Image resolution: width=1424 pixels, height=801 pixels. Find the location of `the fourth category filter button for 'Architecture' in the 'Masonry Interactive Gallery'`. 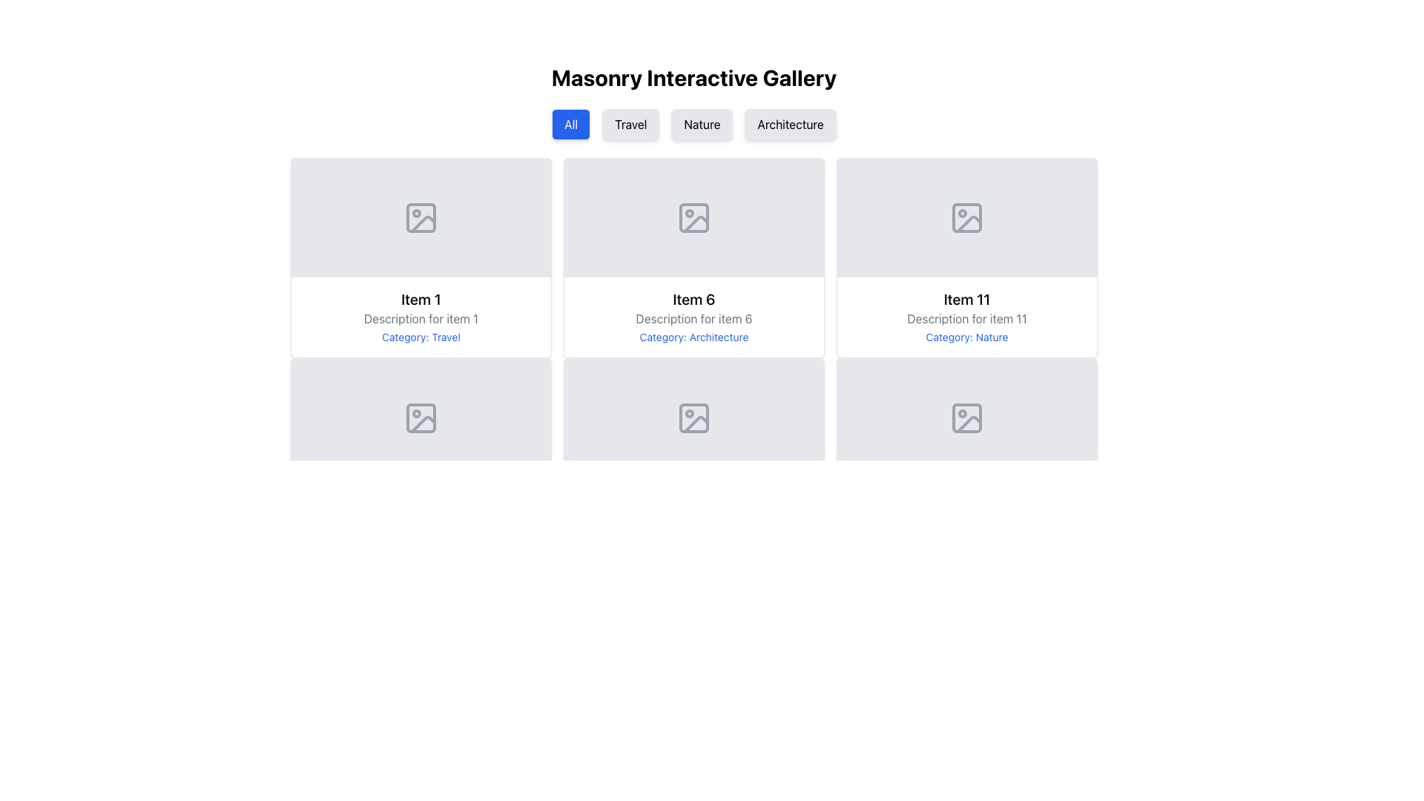

the fourth category filter button for 'Architecture' in the 'Masonry Interactive Gallery' is located at coordinates (789, 124).